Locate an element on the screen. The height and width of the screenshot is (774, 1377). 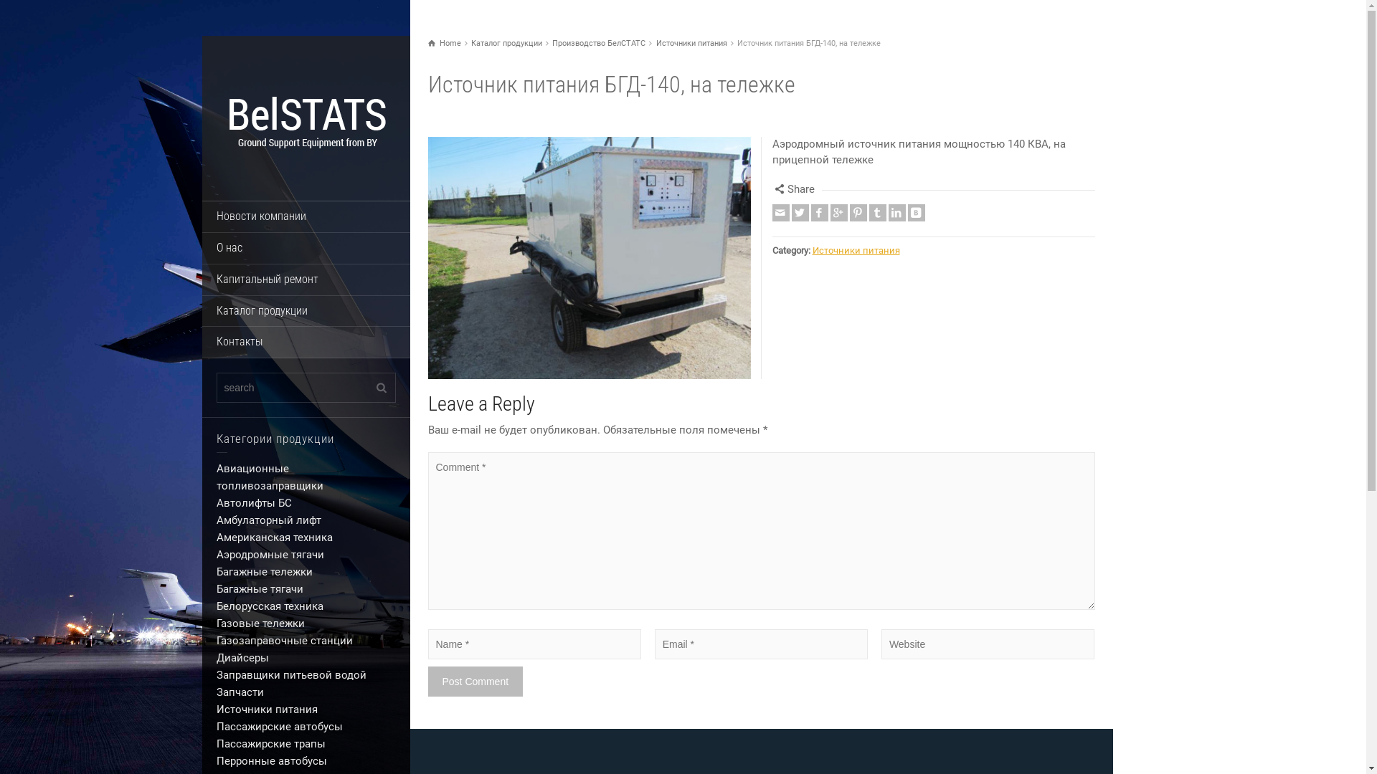
'Vkontakte' is located at coordinates (915, 213).